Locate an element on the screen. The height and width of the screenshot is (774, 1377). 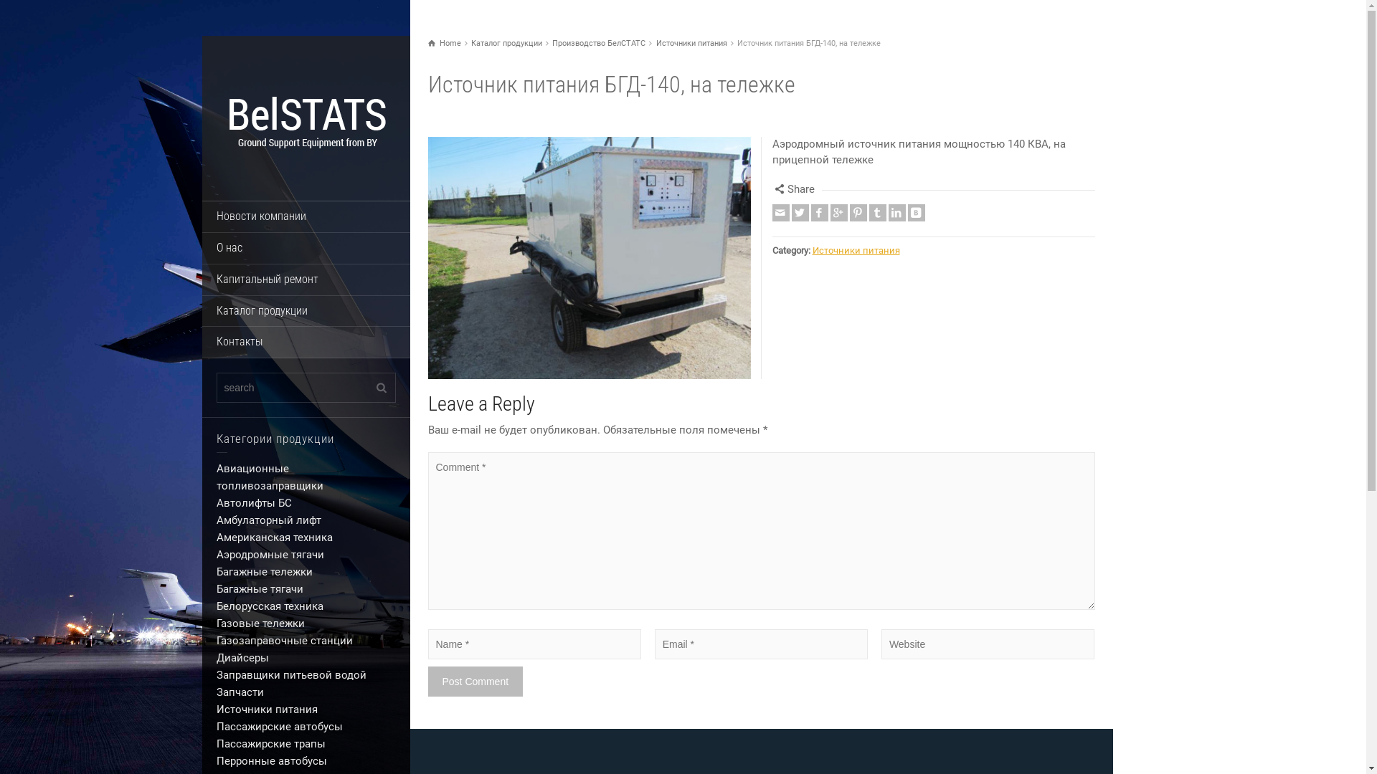
'Vkontakte' is located at coordinates (915, 213).